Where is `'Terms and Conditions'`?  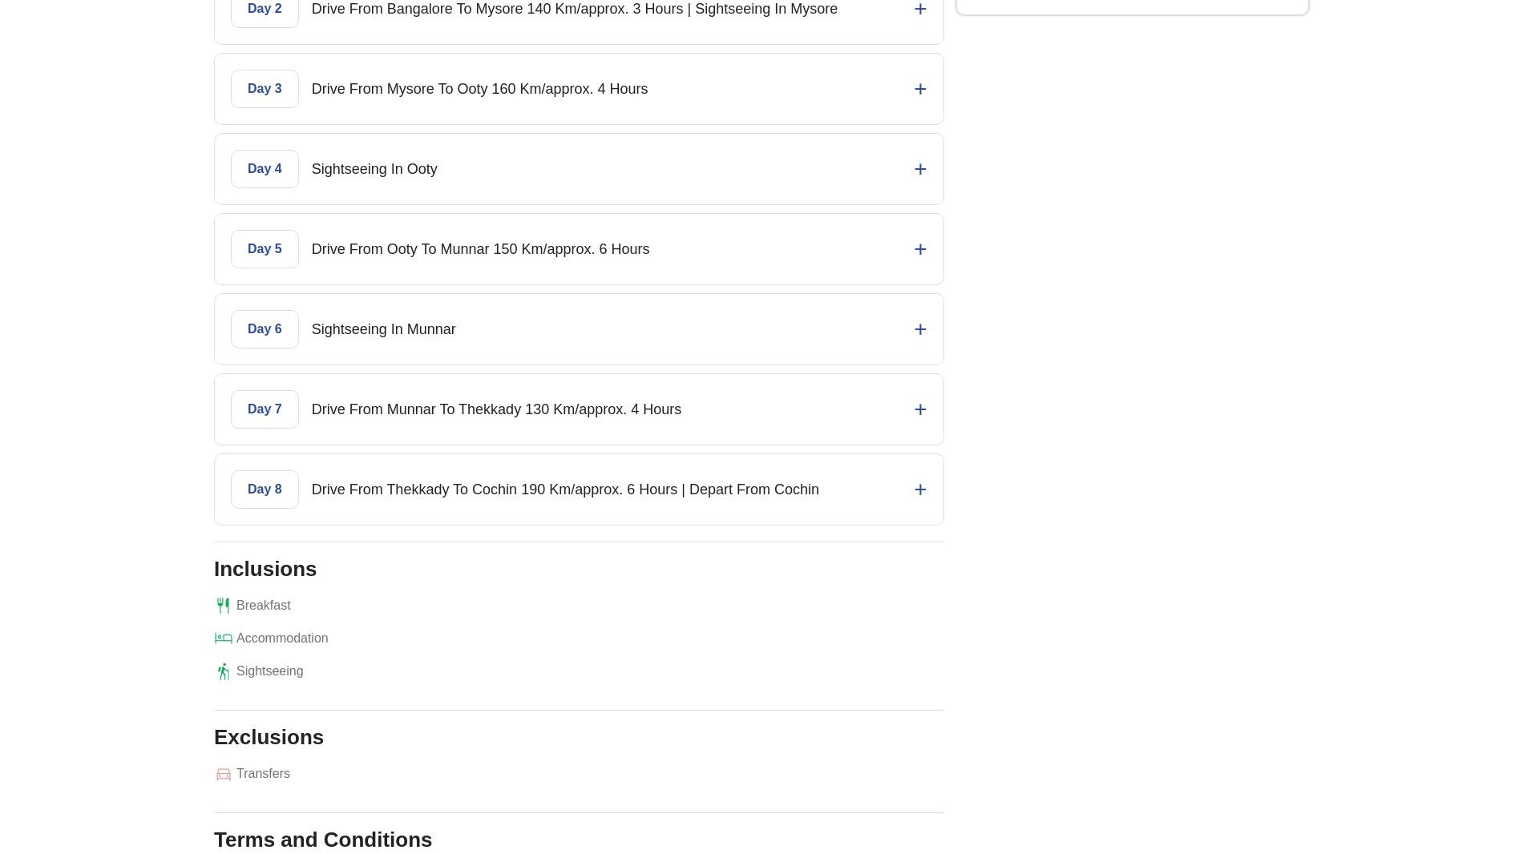 'Terms and Conditions' is located at coordinates (212, 839).